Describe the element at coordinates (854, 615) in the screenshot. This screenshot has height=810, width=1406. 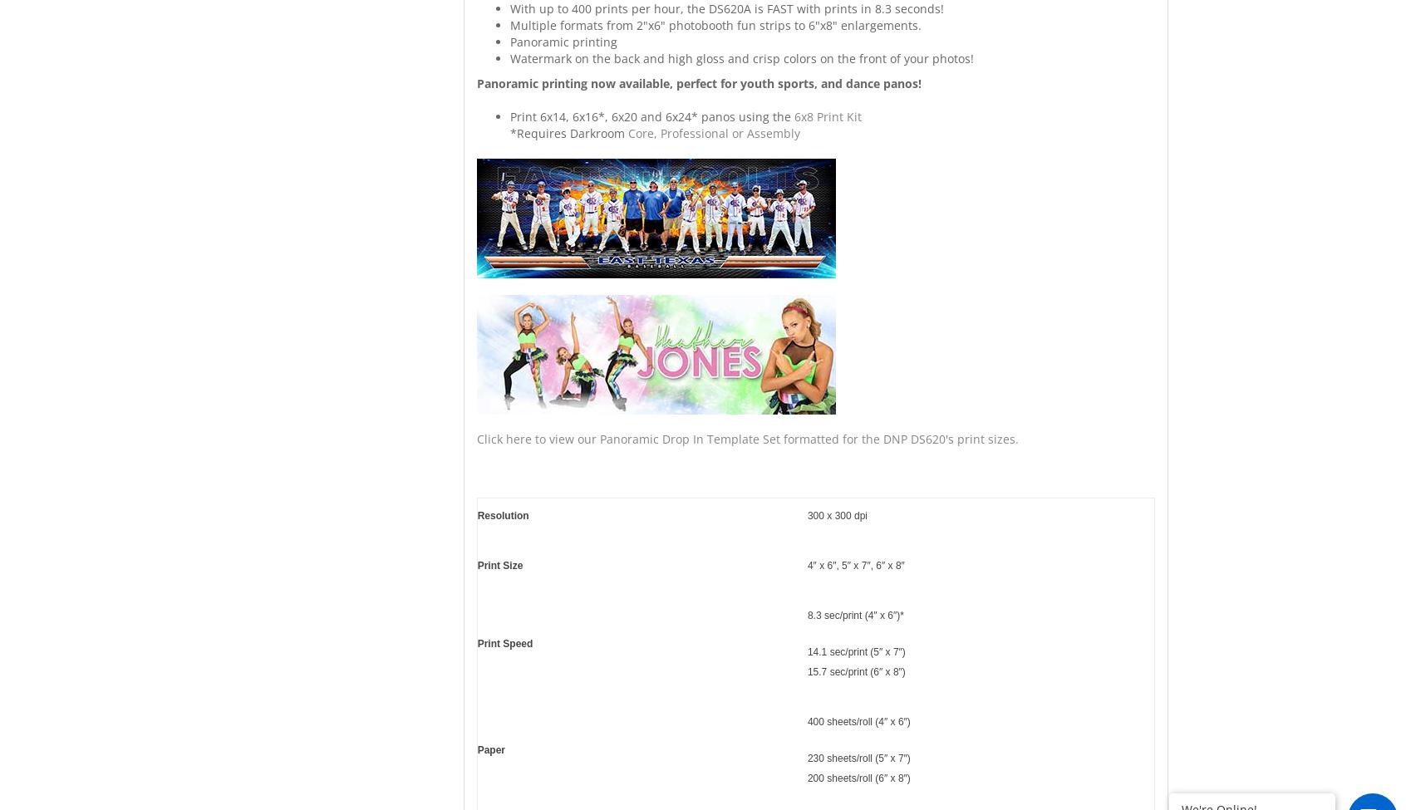
I see `'8.3 sec/print (4″ x 6″)*'` at that location.